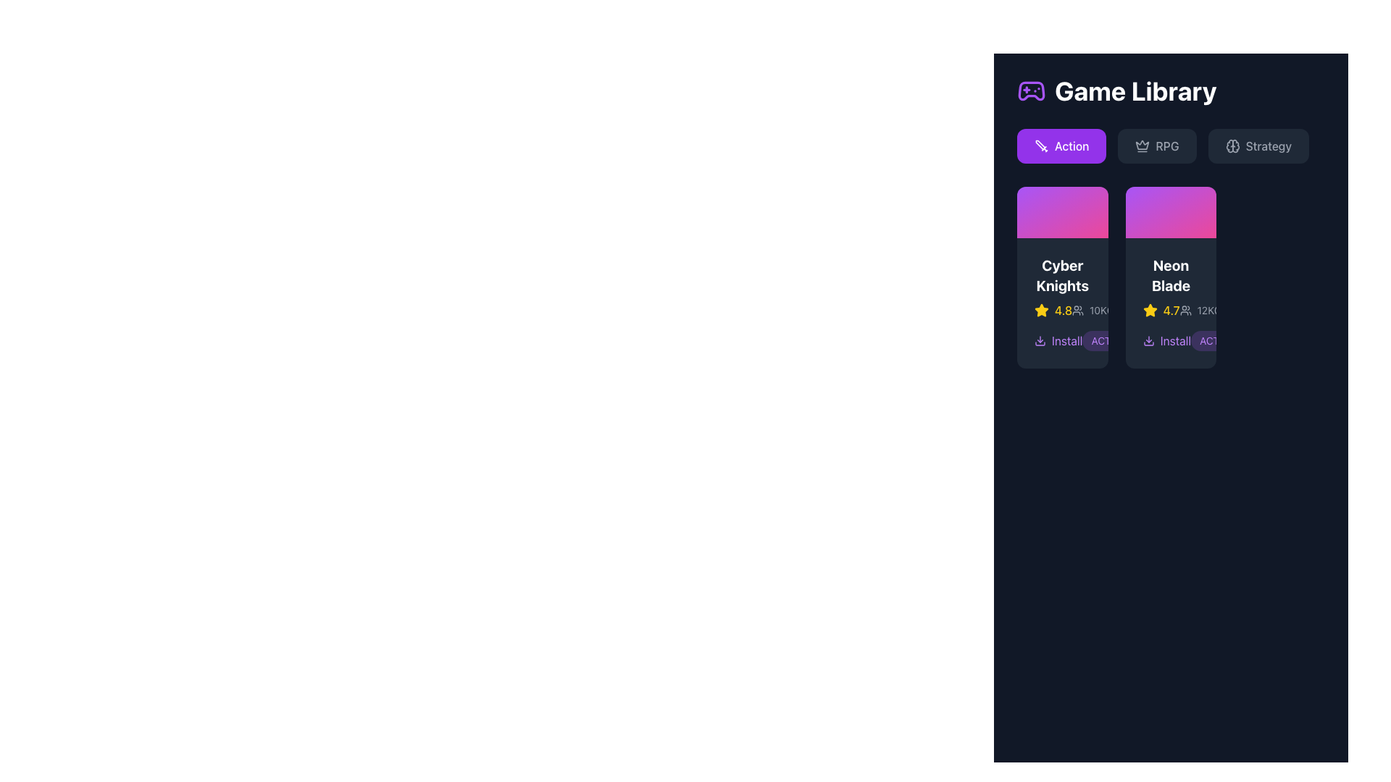  Describe the element at coordinates (1064, 309) in the screenshot. I see `numerical value displayed by the Text Label indicating the rating score for the game item 'Cyber Knights', which is positioned next to a yellow star icon` at that location.